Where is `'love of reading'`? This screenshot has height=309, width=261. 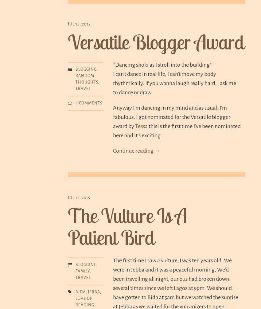
'love of reading' is located at coordinates (84, 301).